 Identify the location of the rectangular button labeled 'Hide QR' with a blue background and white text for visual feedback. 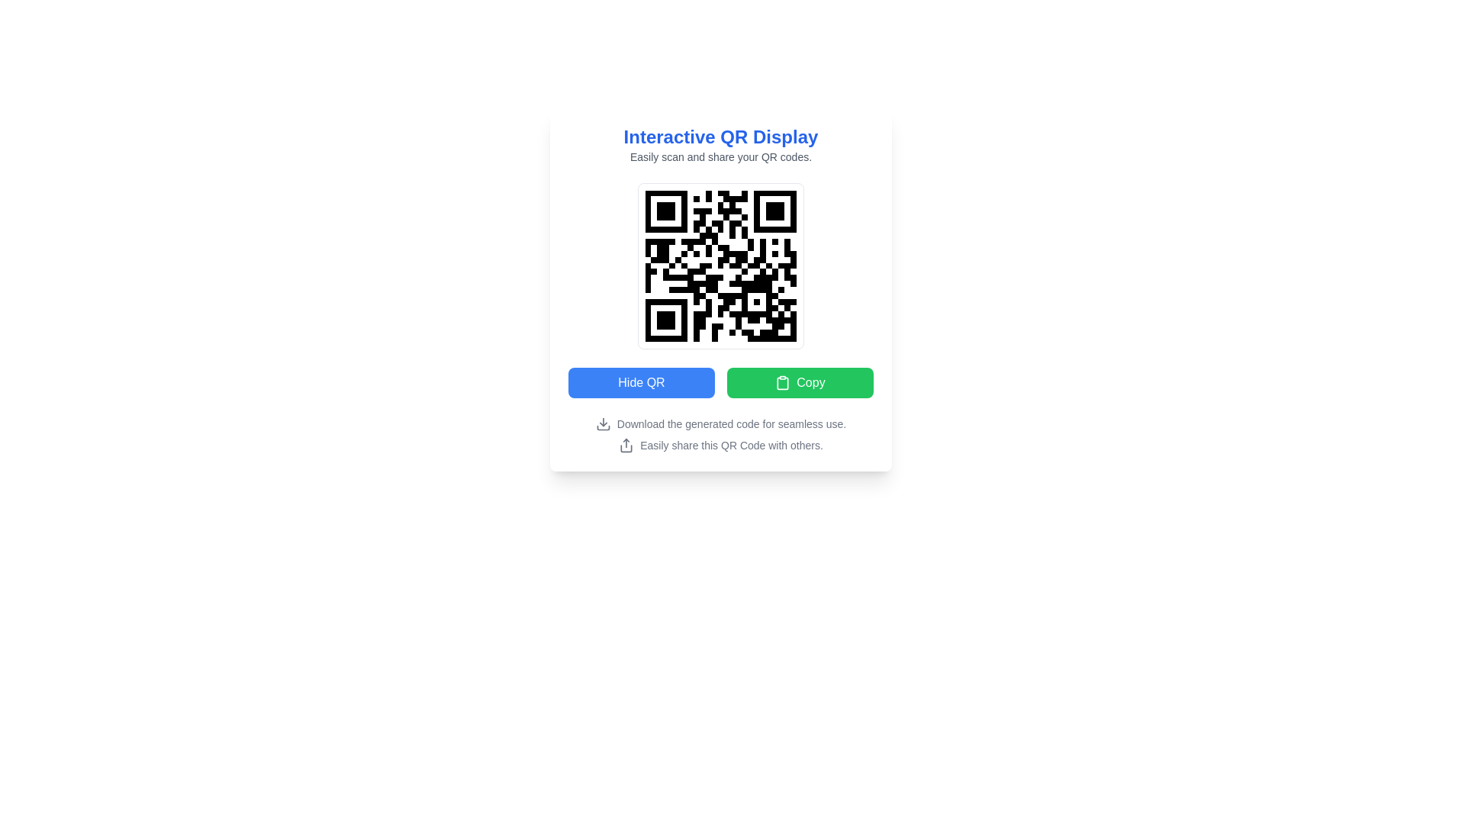
(641, 381).